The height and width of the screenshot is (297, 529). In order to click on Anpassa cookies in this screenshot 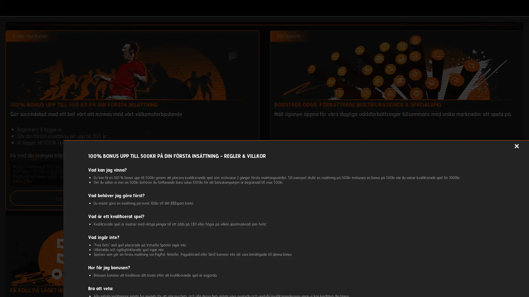, I will do `click(315, 279)`.